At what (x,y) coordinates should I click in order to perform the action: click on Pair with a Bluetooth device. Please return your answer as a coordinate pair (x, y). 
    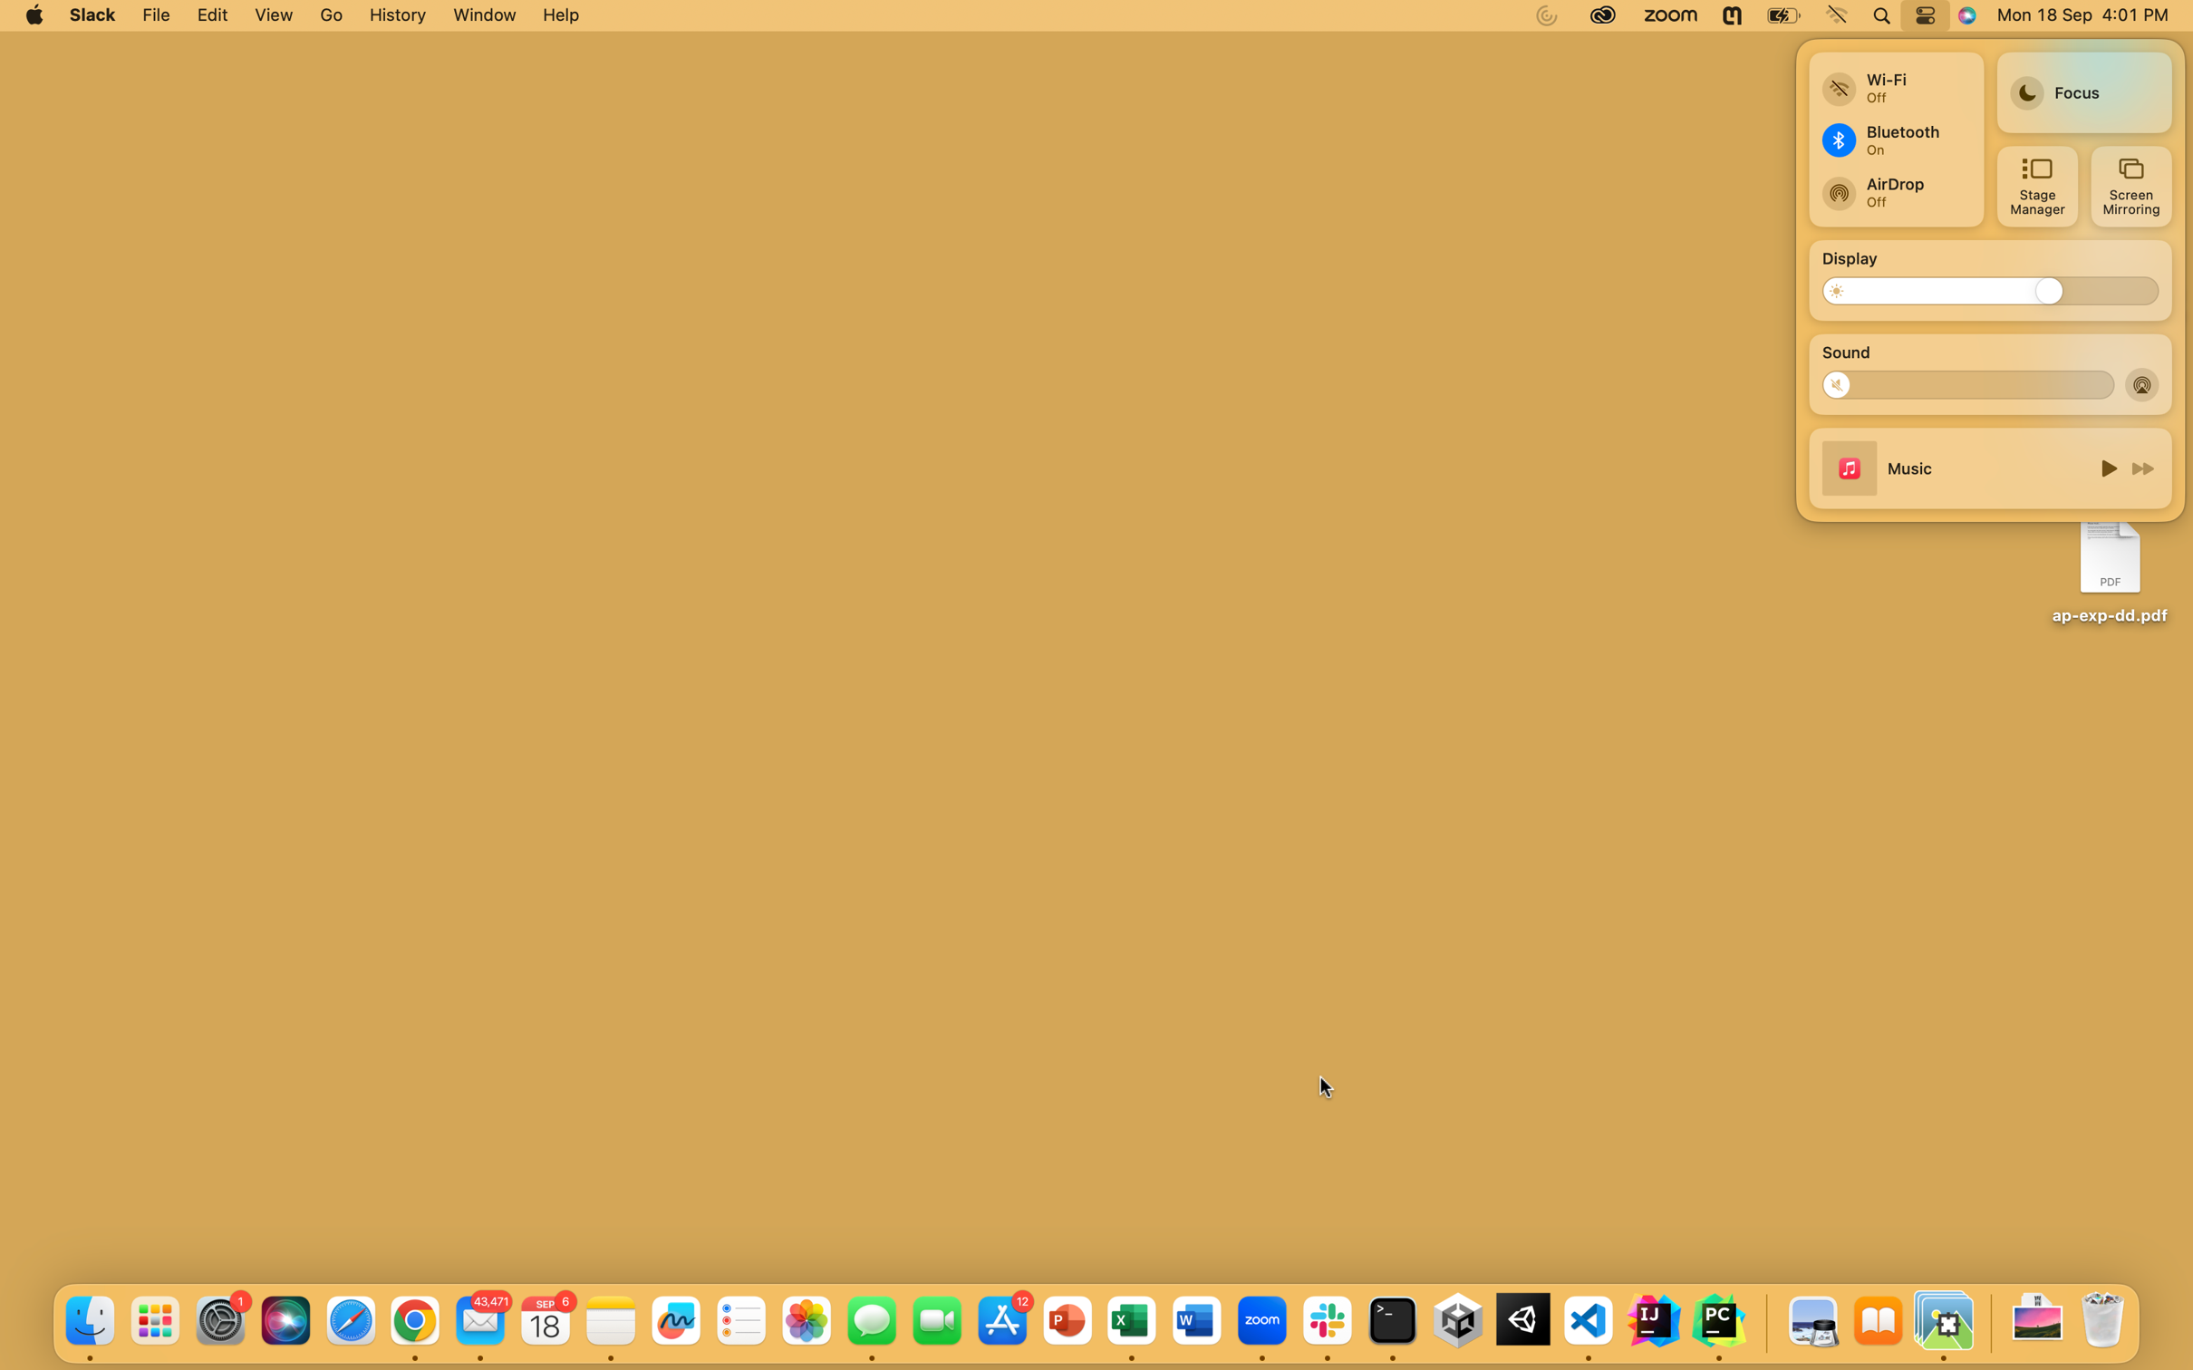
    Looking at the image, I should click on (1893, 139).